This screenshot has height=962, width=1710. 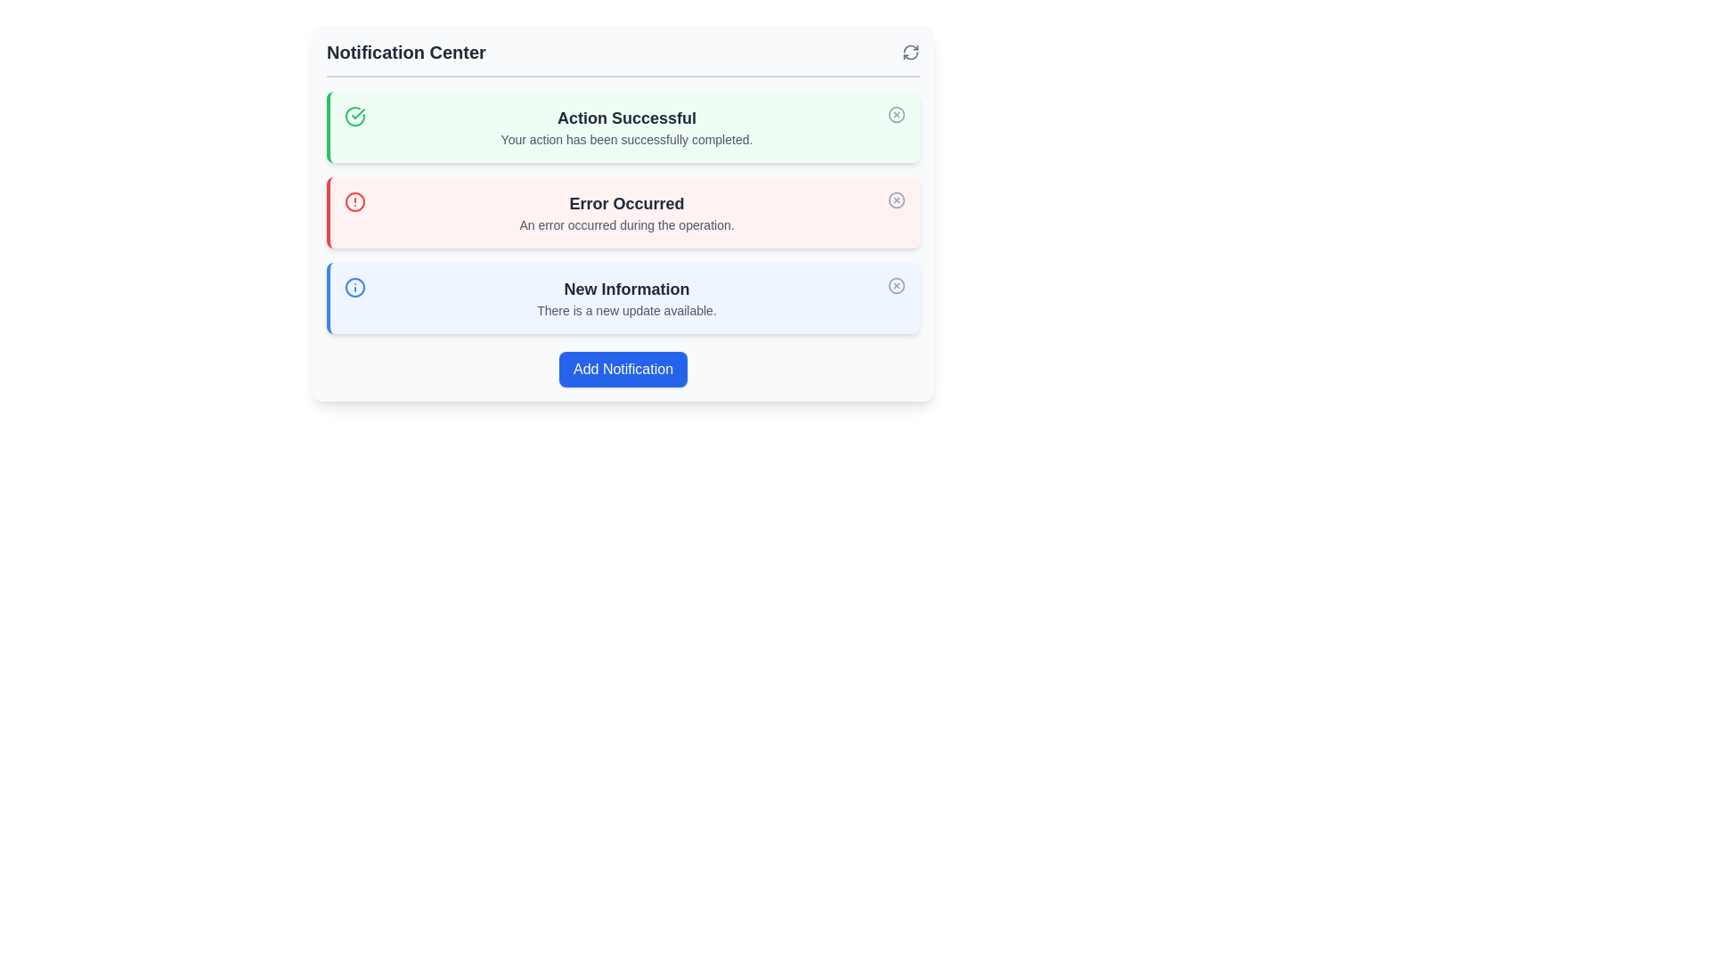 What do you see at coordinates (897, 113) in the screenshot?
I see `the SVG circle element located in the top-right corner of the 'Action Successful' notification card, which serves as a visual marker` at bounding box center [897, 113].